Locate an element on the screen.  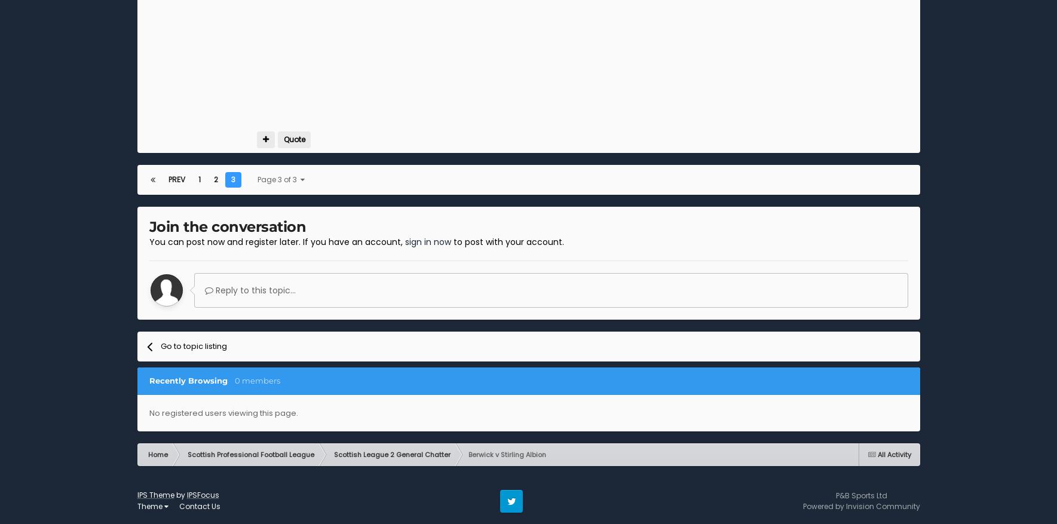
'0 members' is located at coordinates (256, 380).